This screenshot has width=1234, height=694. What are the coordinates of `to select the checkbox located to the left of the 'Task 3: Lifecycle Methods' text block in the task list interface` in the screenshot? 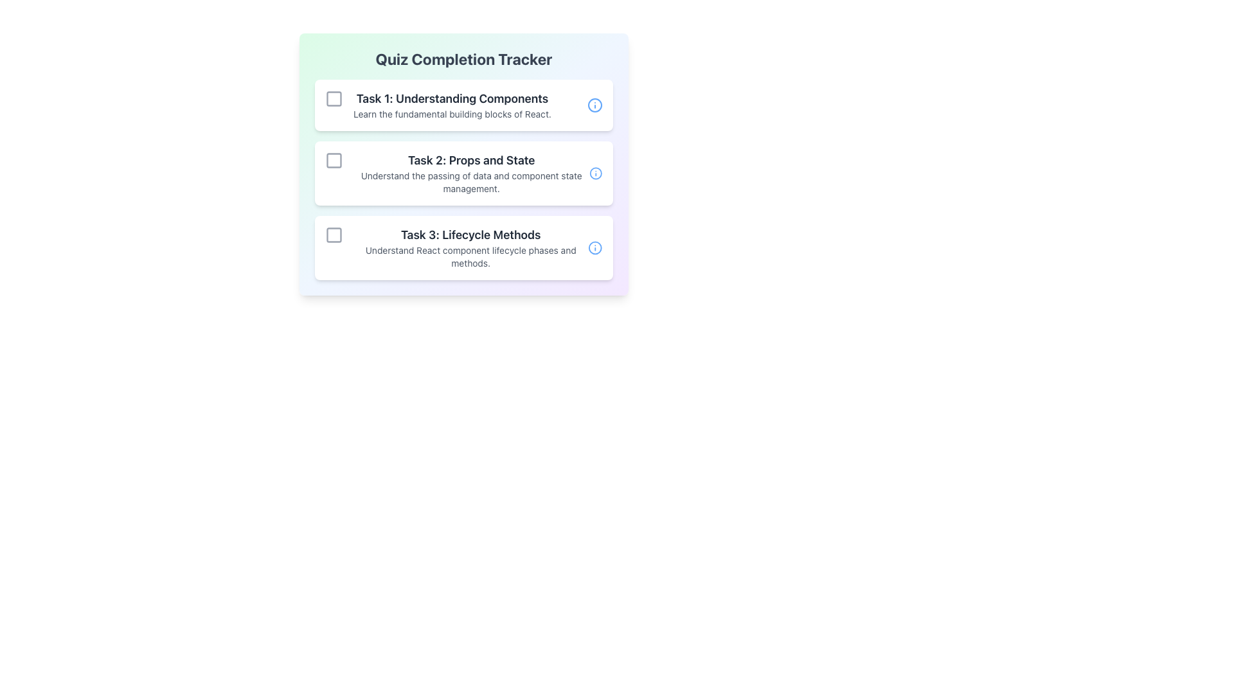 It's located at (334, 235).